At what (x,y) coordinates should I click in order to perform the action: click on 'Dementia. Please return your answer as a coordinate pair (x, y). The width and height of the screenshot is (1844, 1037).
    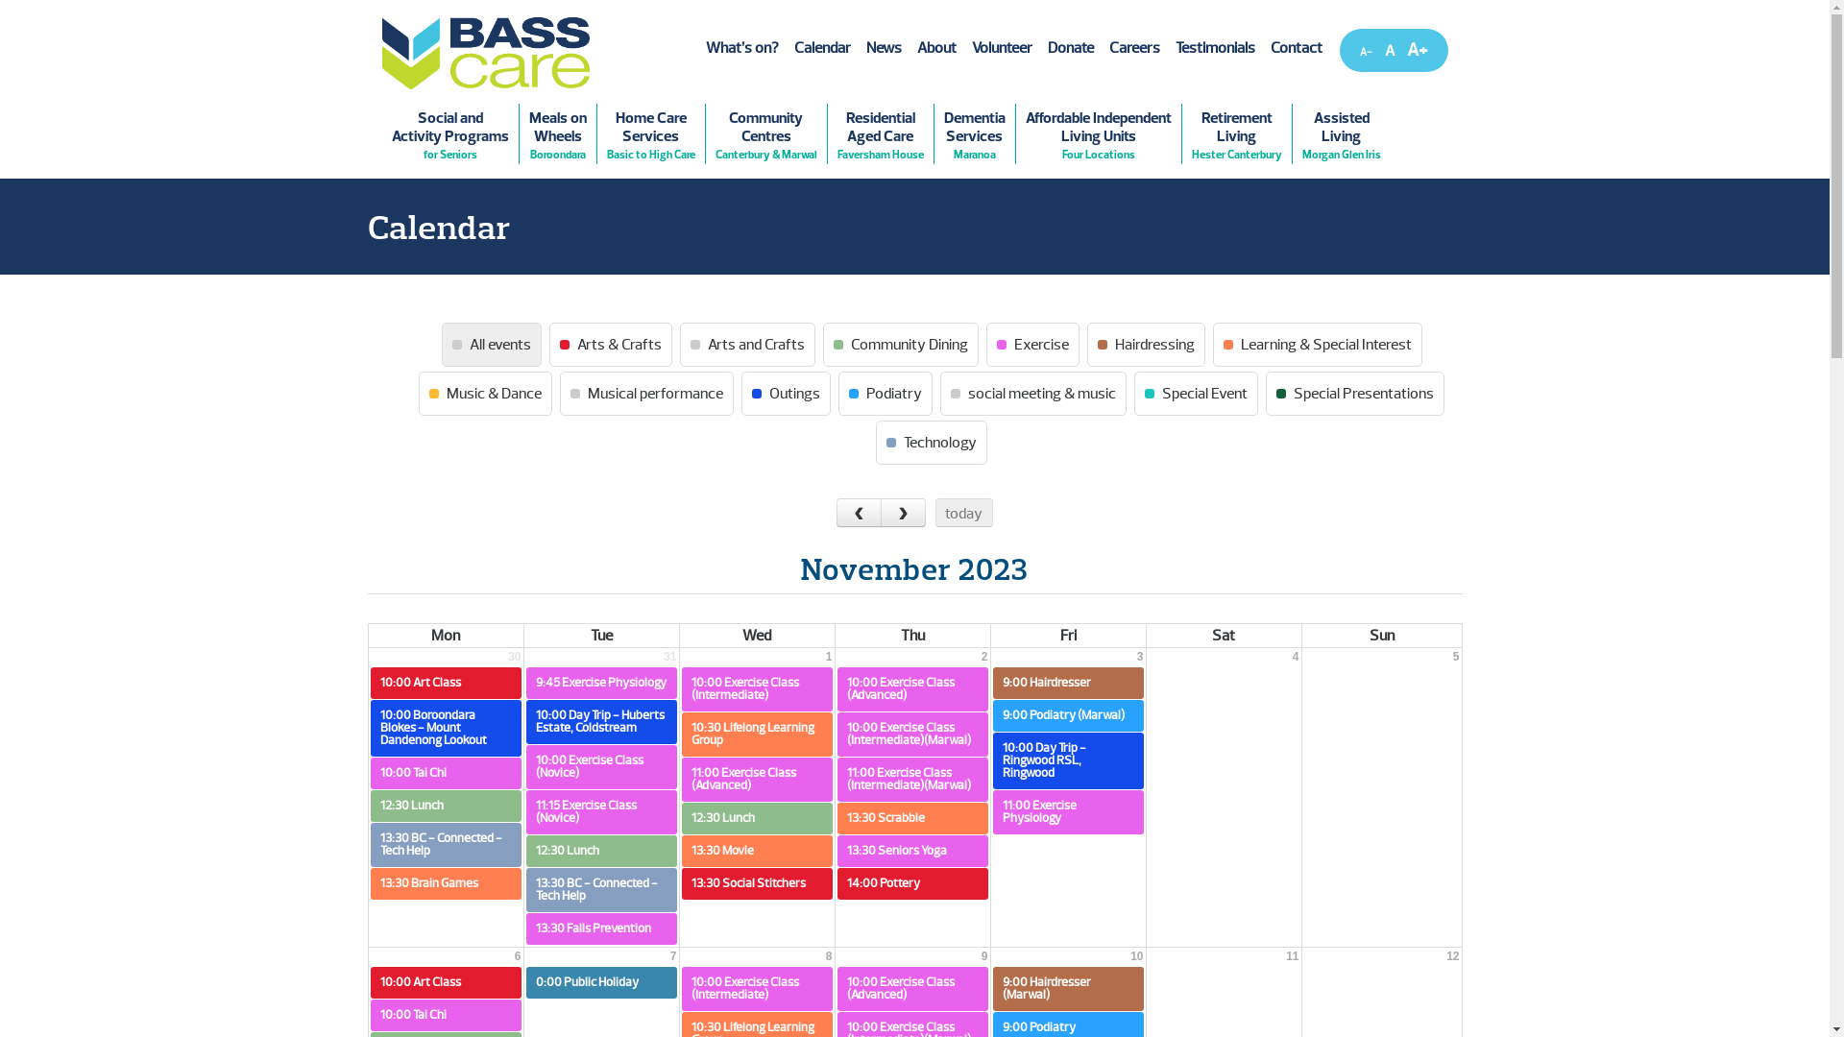
    Looking at the image, I should click on (933, 133).